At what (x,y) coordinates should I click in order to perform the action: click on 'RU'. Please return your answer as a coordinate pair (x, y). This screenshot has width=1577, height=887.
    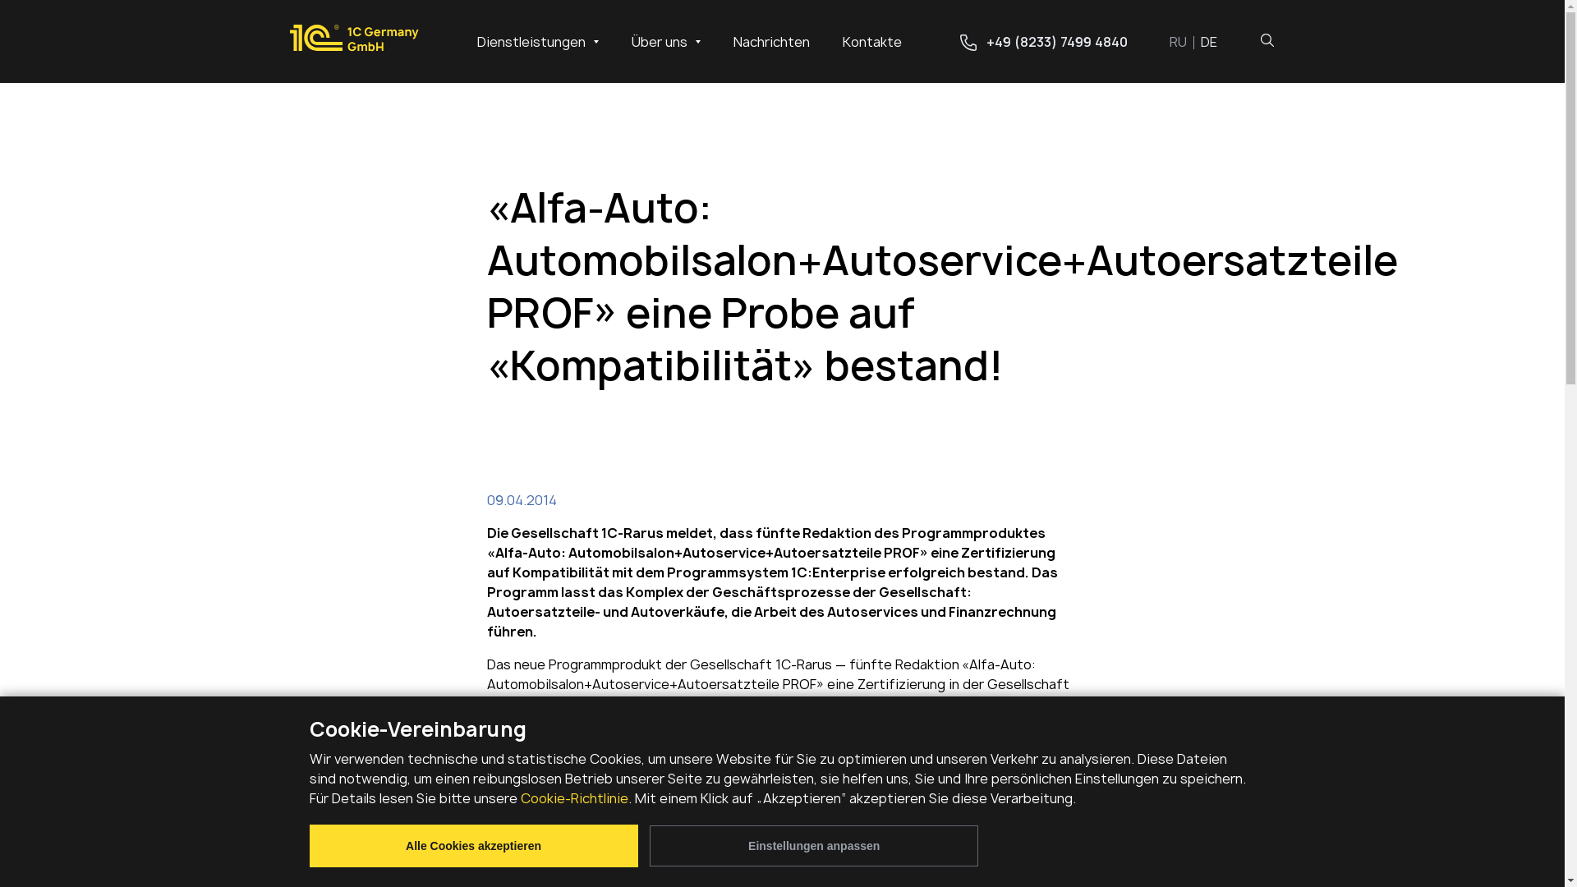
    Looking at the image, I should click on (1185, 40).